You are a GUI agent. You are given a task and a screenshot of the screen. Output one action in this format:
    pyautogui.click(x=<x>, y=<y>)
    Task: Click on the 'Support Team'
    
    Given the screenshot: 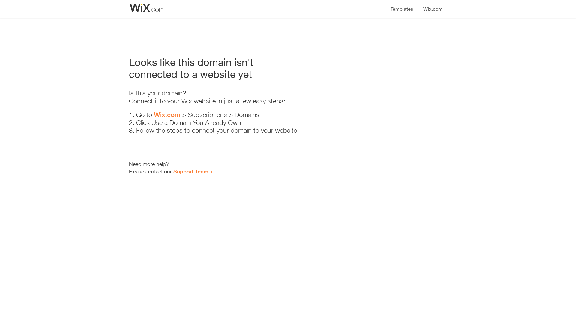 What is the action you would take?
    pyautogui.click(x=190, y=171)
    